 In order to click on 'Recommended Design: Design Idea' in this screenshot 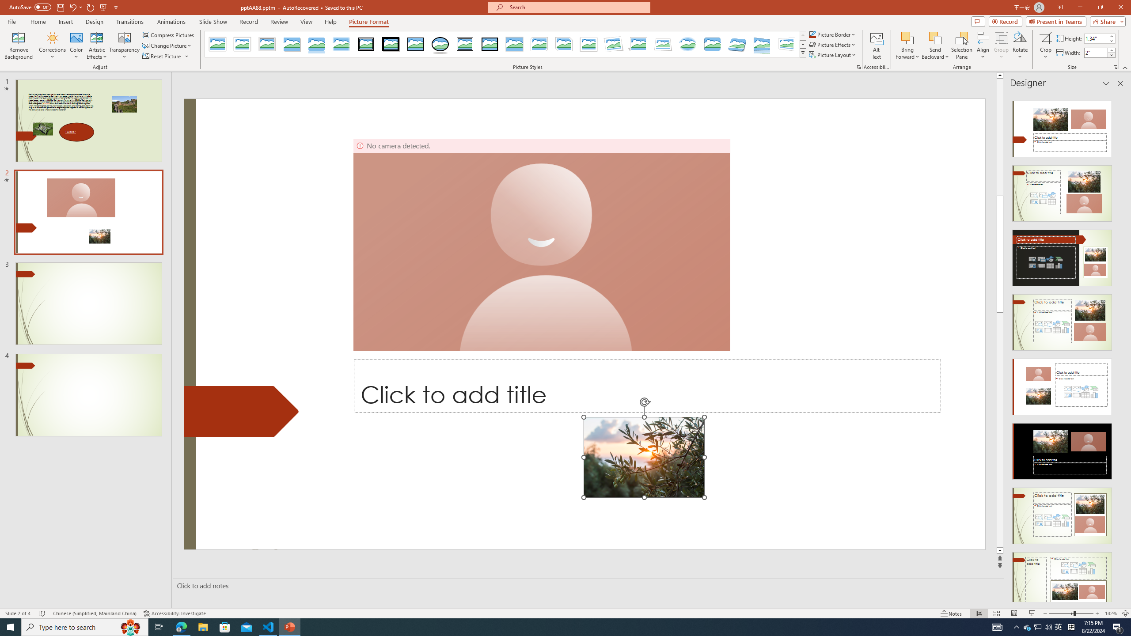, I will do `click(1061, 125)`.